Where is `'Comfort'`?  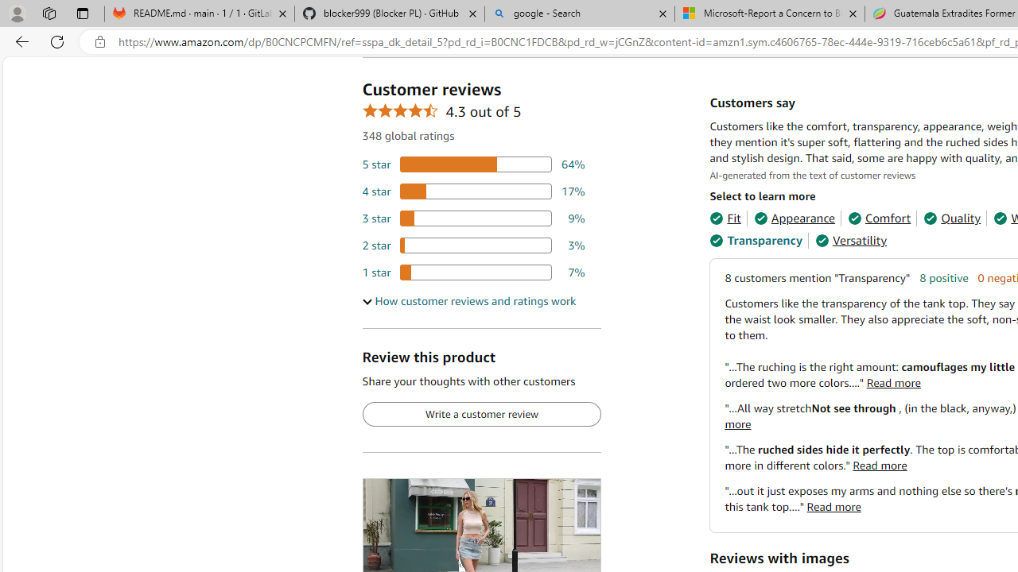 'Comfort' is located at coordinates (878, 218).